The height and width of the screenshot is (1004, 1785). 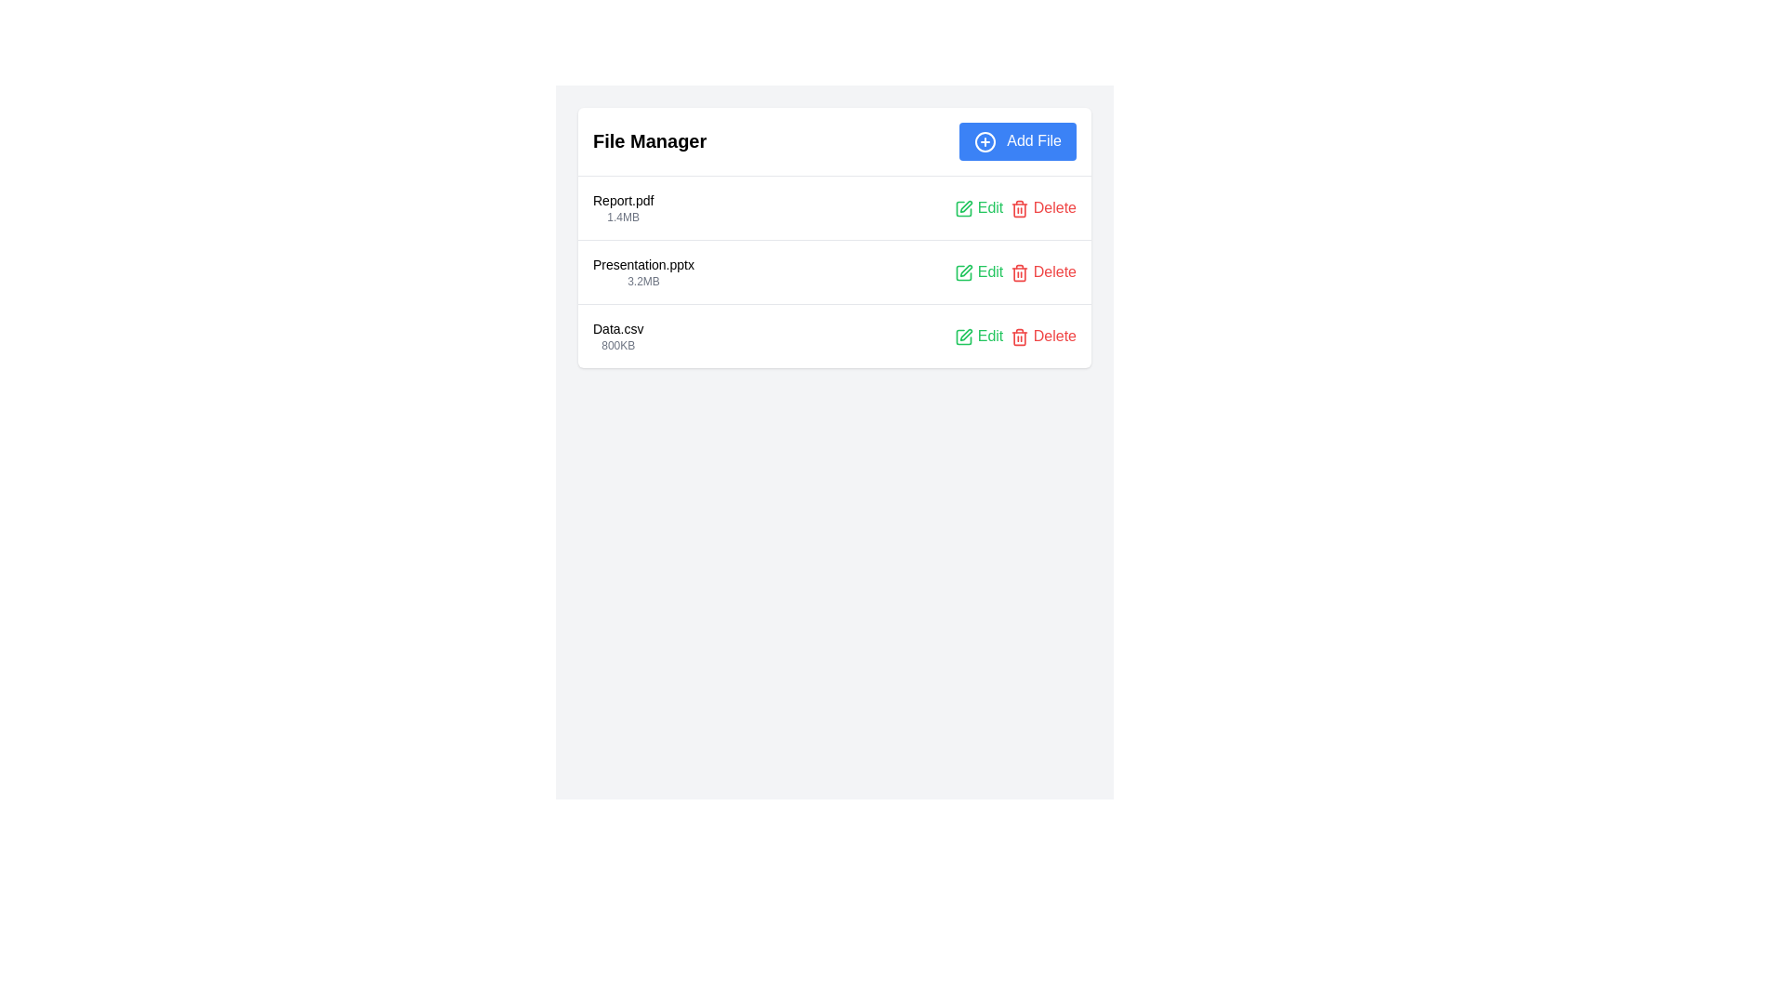 What do you see at coordinates (1019, 274) in the screenshot?
I see `the main body of the trash can segment in the SVG icon that corresponds to the 'Delete' action` at bounding box center [1019, 274].